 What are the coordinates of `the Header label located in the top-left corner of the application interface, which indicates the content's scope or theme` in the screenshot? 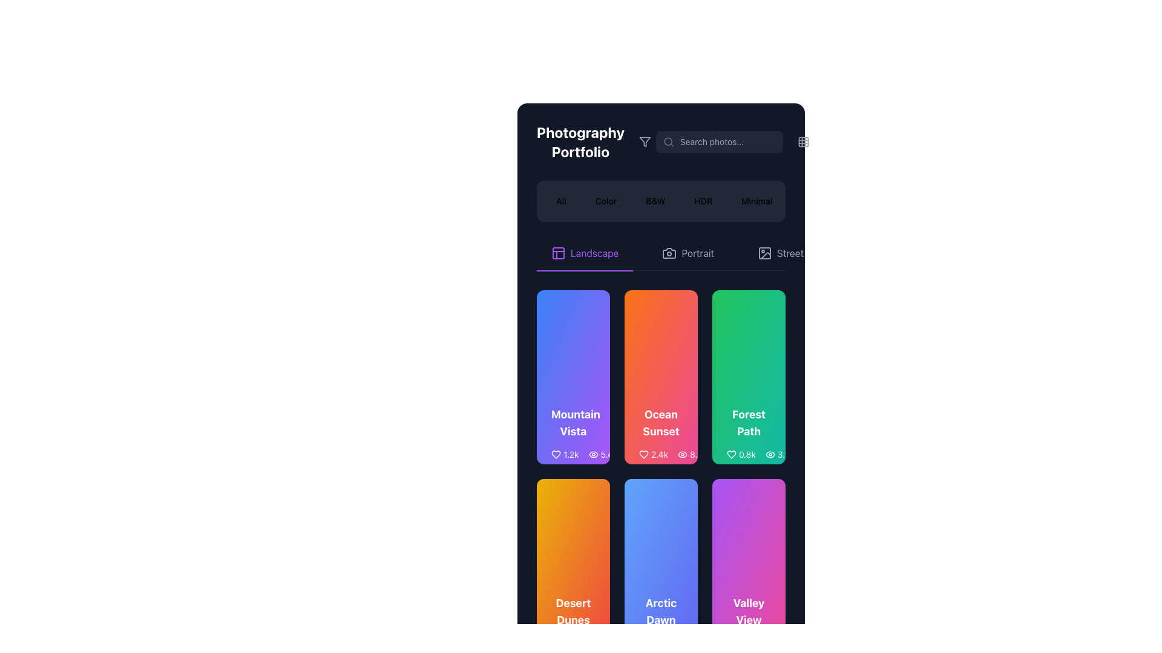 It's located at (596, 141).